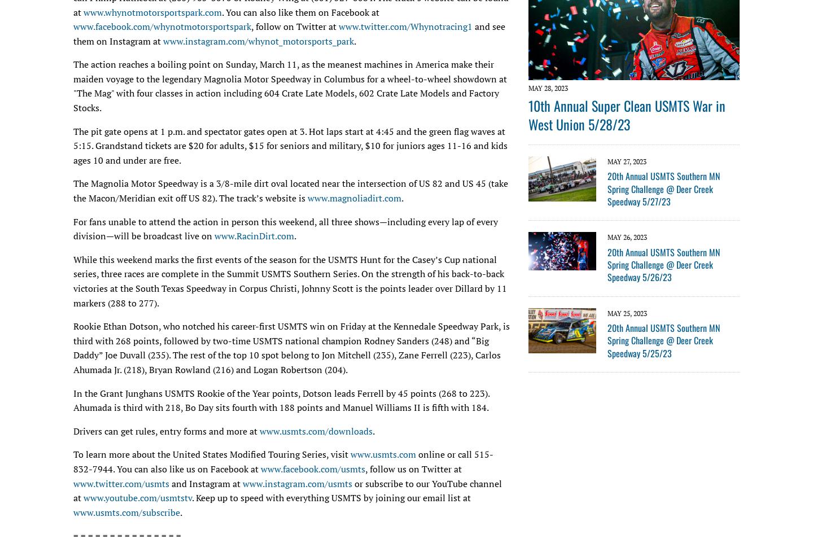 Image resolution: width=813 pixels, height=552 pixels. What do you see at coordinates (663, 264) in the screenshot?
I see `'20th Annual USMTS Southern MN Spring Challenge @ Deer Creek Speedway 5/26/23'` at bounding box center [663, 264].